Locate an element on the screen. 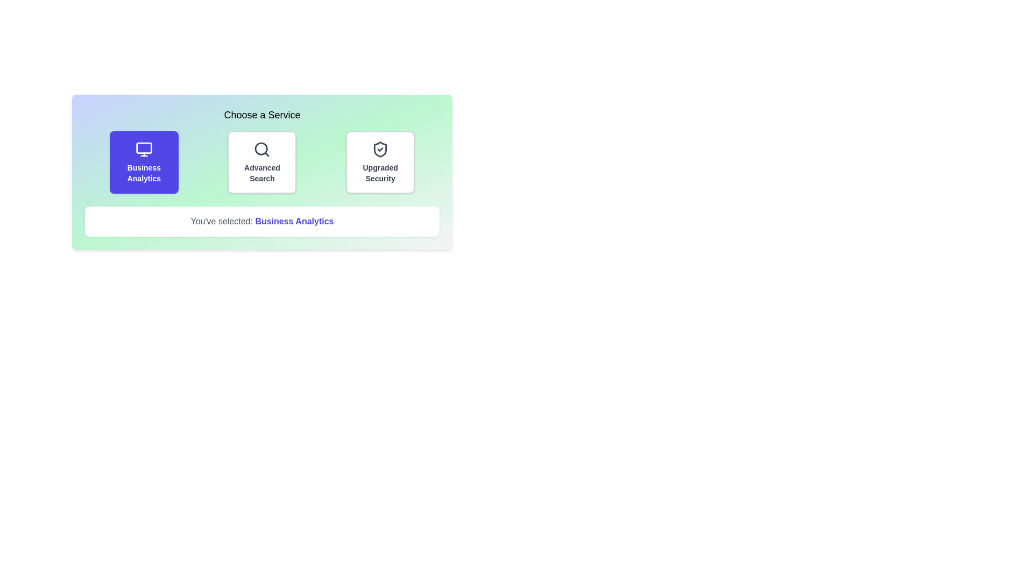  the service option Upgraded Security is located at coordinates (380, 162).